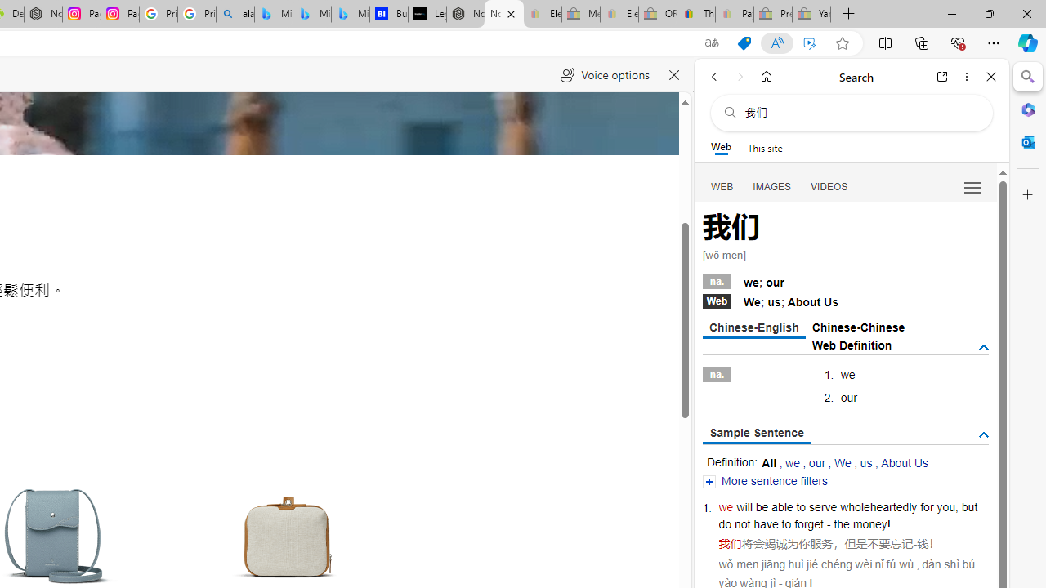 The width and height of the screenshot is (1046, 588). I want to click on 'Microsoft Bing Travel - Flights from Hong Kong to Bangkok', so click(274, 14).